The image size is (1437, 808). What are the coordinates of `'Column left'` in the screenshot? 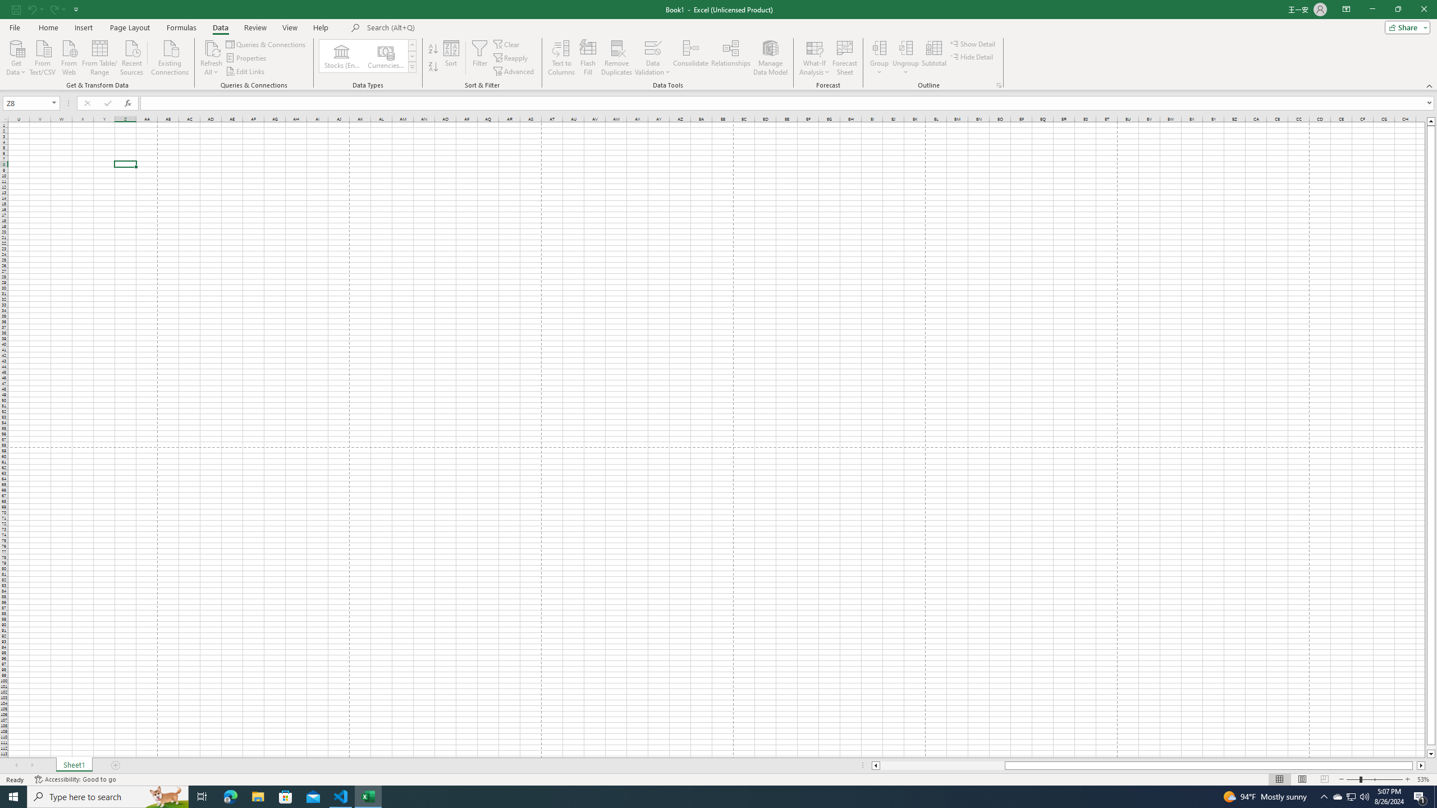 It's located at (875, 765).